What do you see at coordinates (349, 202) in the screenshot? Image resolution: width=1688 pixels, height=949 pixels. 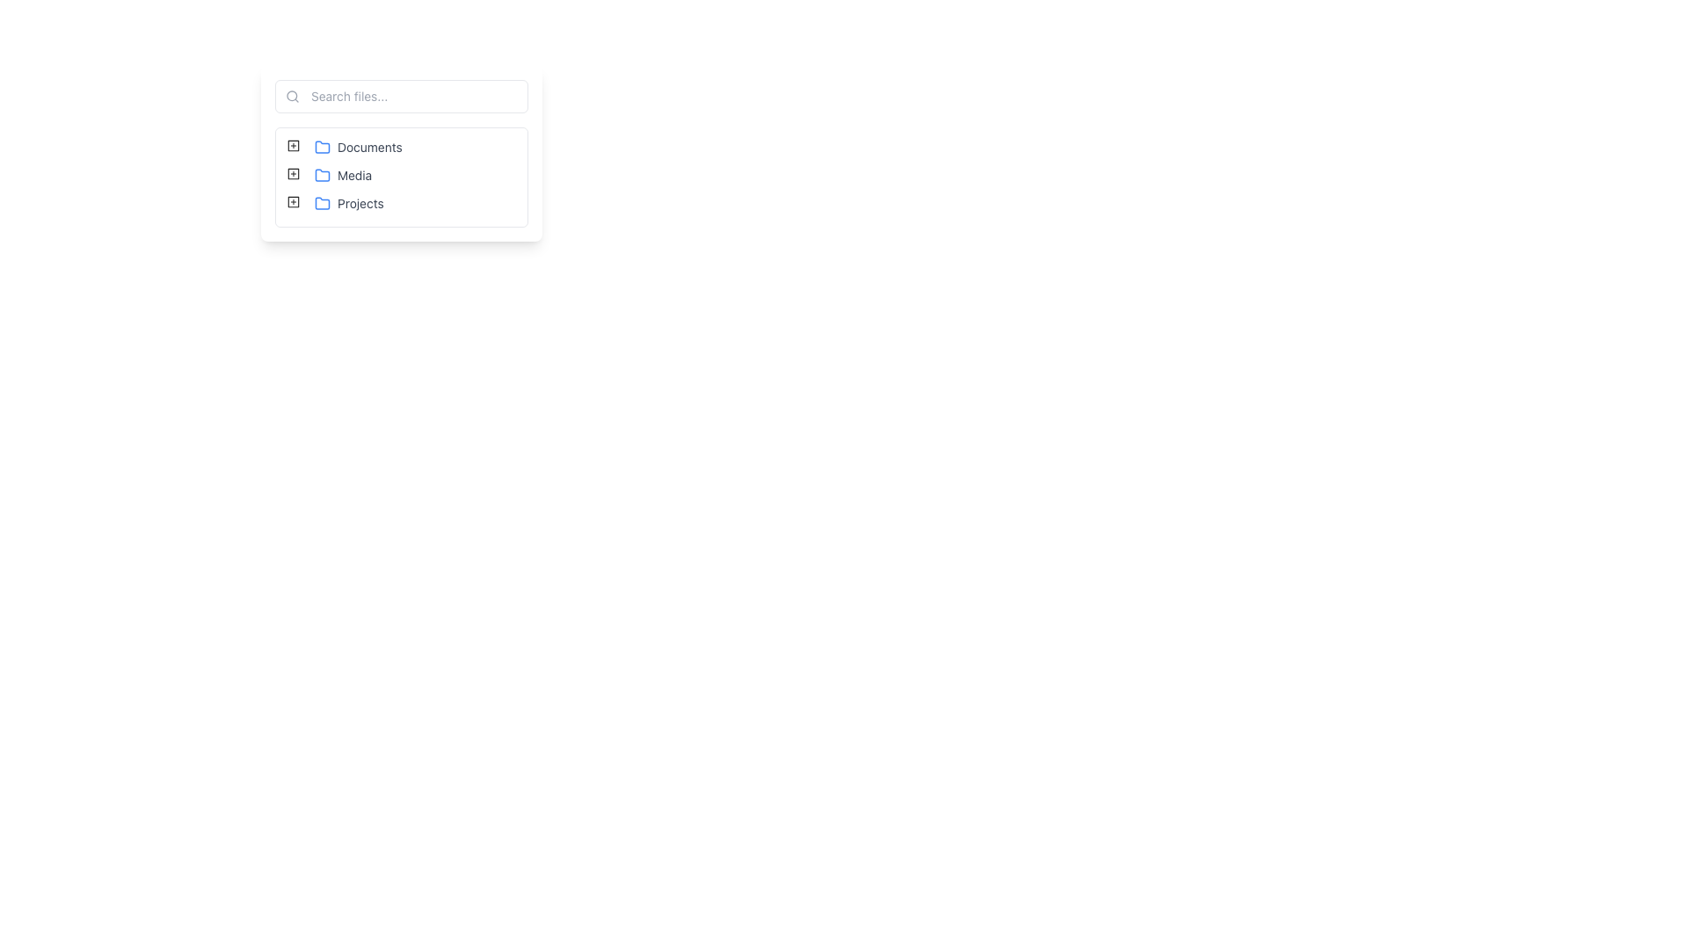 I see `the 'Projects' ListItem, which features a blue folder icon and gray text` at bounding box center [349, 202].